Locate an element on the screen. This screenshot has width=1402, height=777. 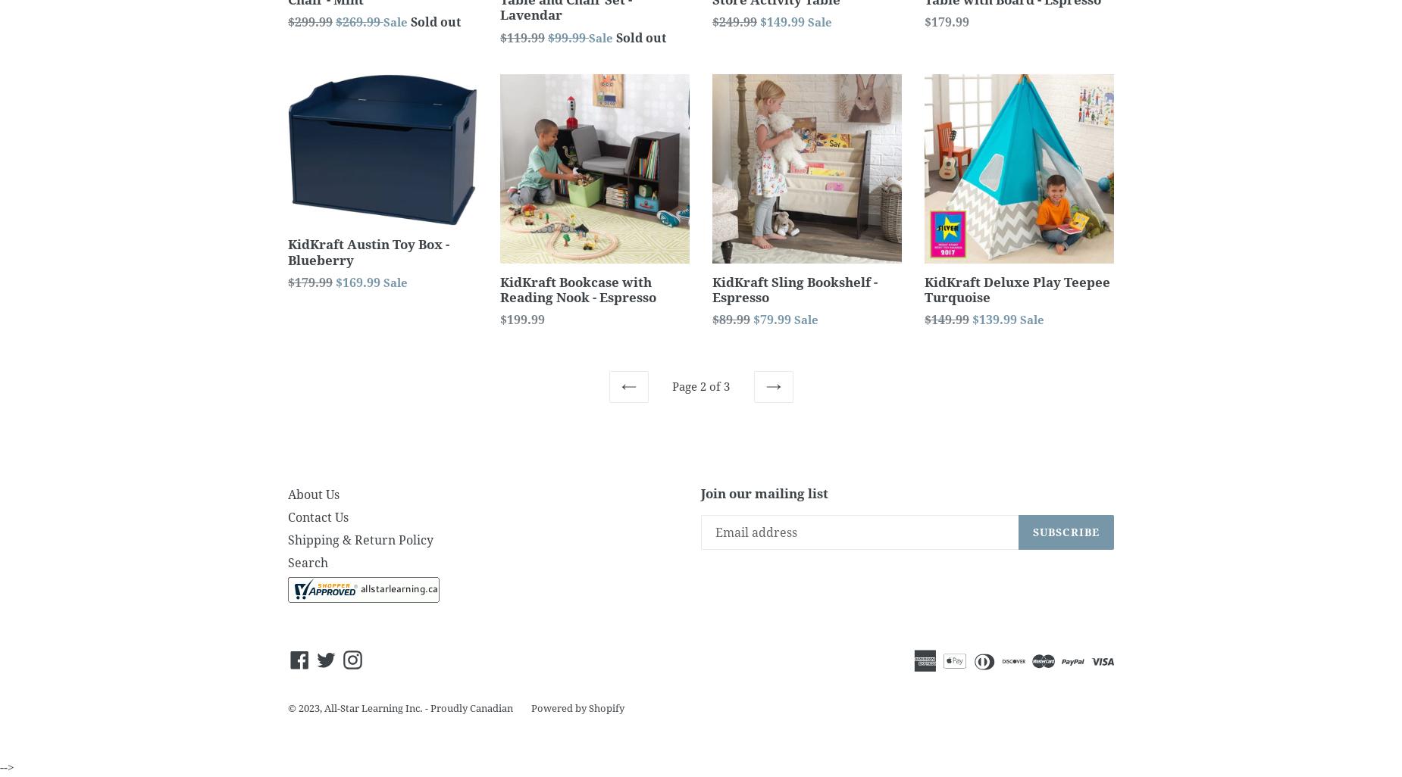
'$79.99' is located at coordinates (773, 320).